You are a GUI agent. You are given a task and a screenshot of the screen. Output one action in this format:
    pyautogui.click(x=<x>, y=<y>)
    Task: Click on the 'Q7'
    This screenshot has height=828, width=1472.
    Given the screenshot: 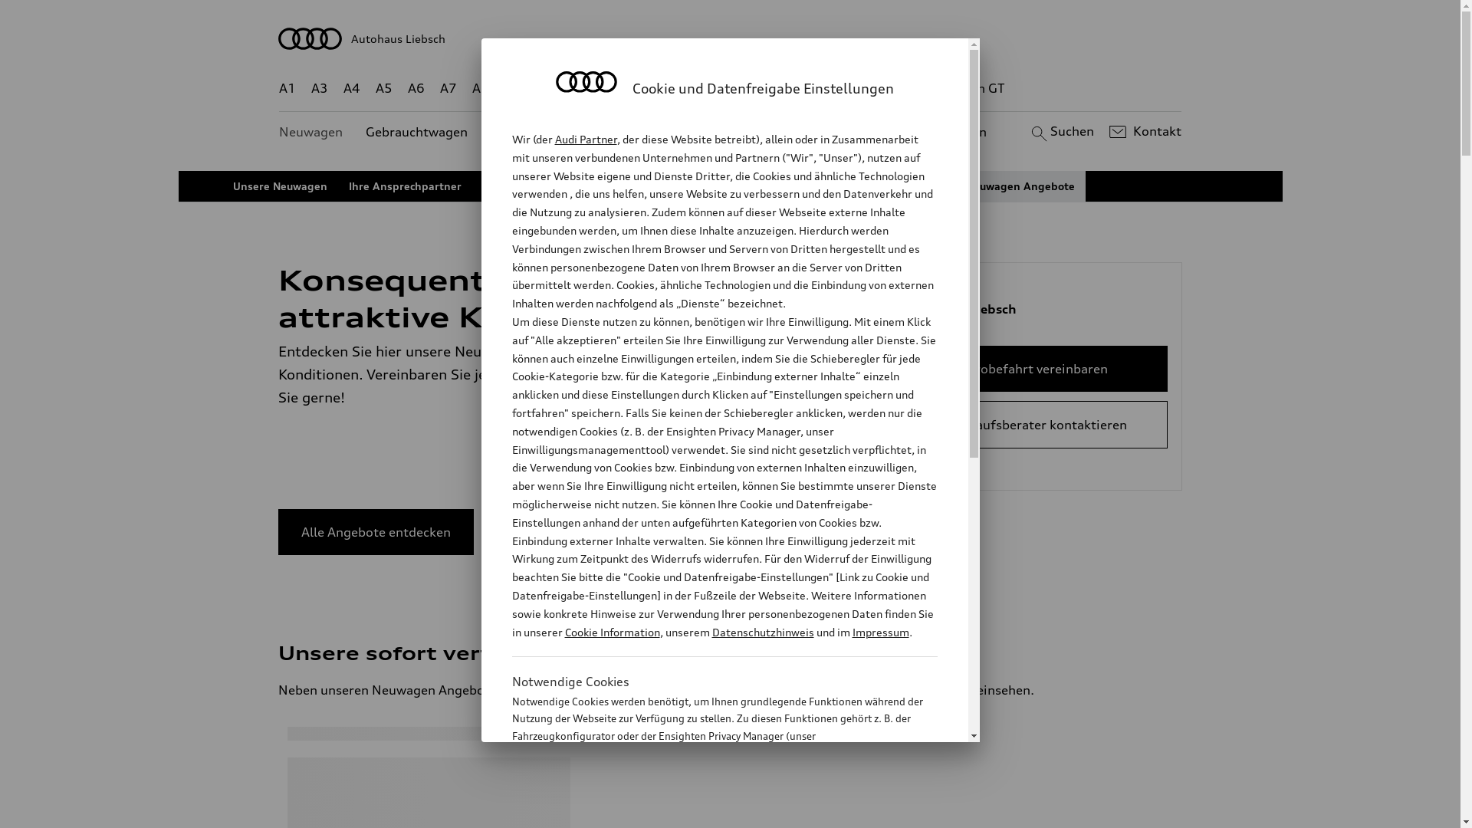 What is the action you would take?
    pyautogui.click(x=676, y=88)
    